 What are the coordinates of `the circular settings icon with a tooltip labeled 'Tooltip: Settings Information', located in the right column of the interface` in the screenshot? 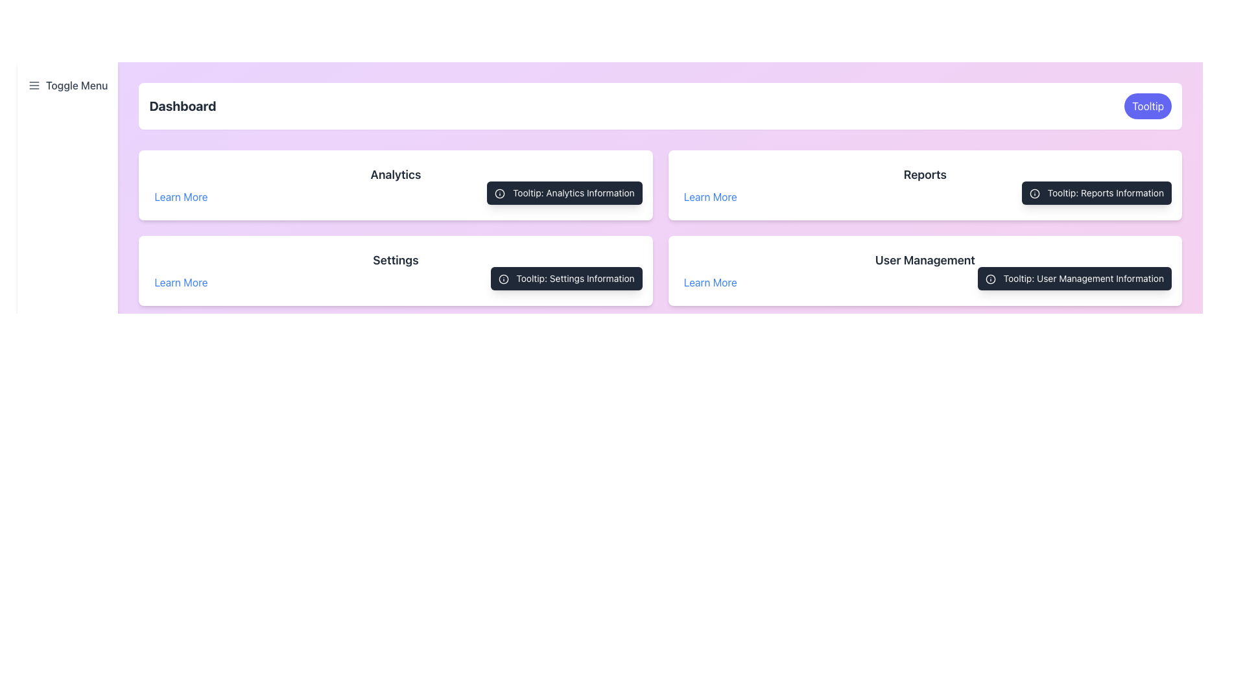 It's located at (503, 279).